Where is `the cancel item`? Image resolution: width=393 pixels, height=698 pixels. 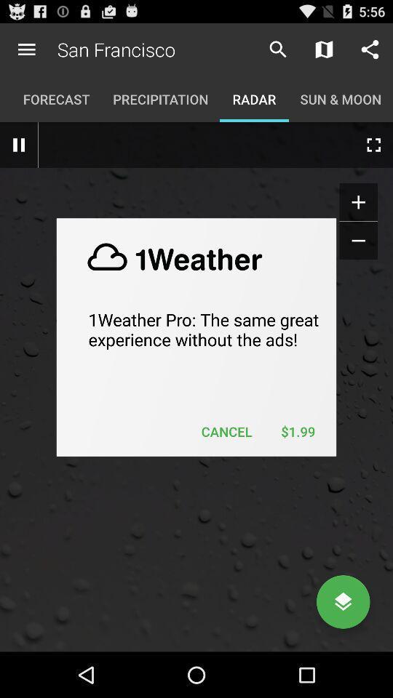 the cancel item is located at coordinates (226, 431).